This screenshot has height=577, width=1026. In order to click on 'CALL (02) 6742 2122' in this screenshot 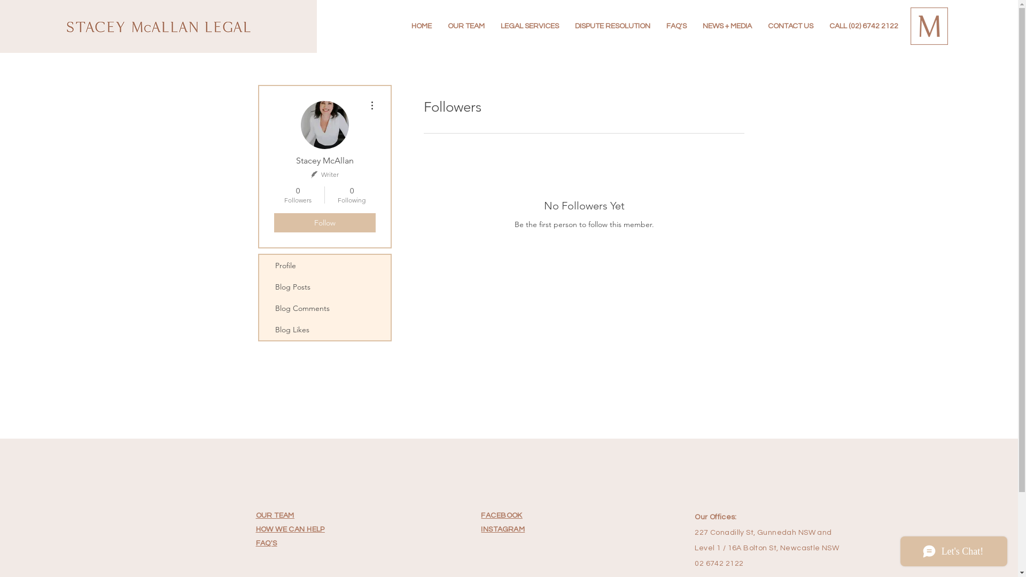, I will do `click(820, 26)`.